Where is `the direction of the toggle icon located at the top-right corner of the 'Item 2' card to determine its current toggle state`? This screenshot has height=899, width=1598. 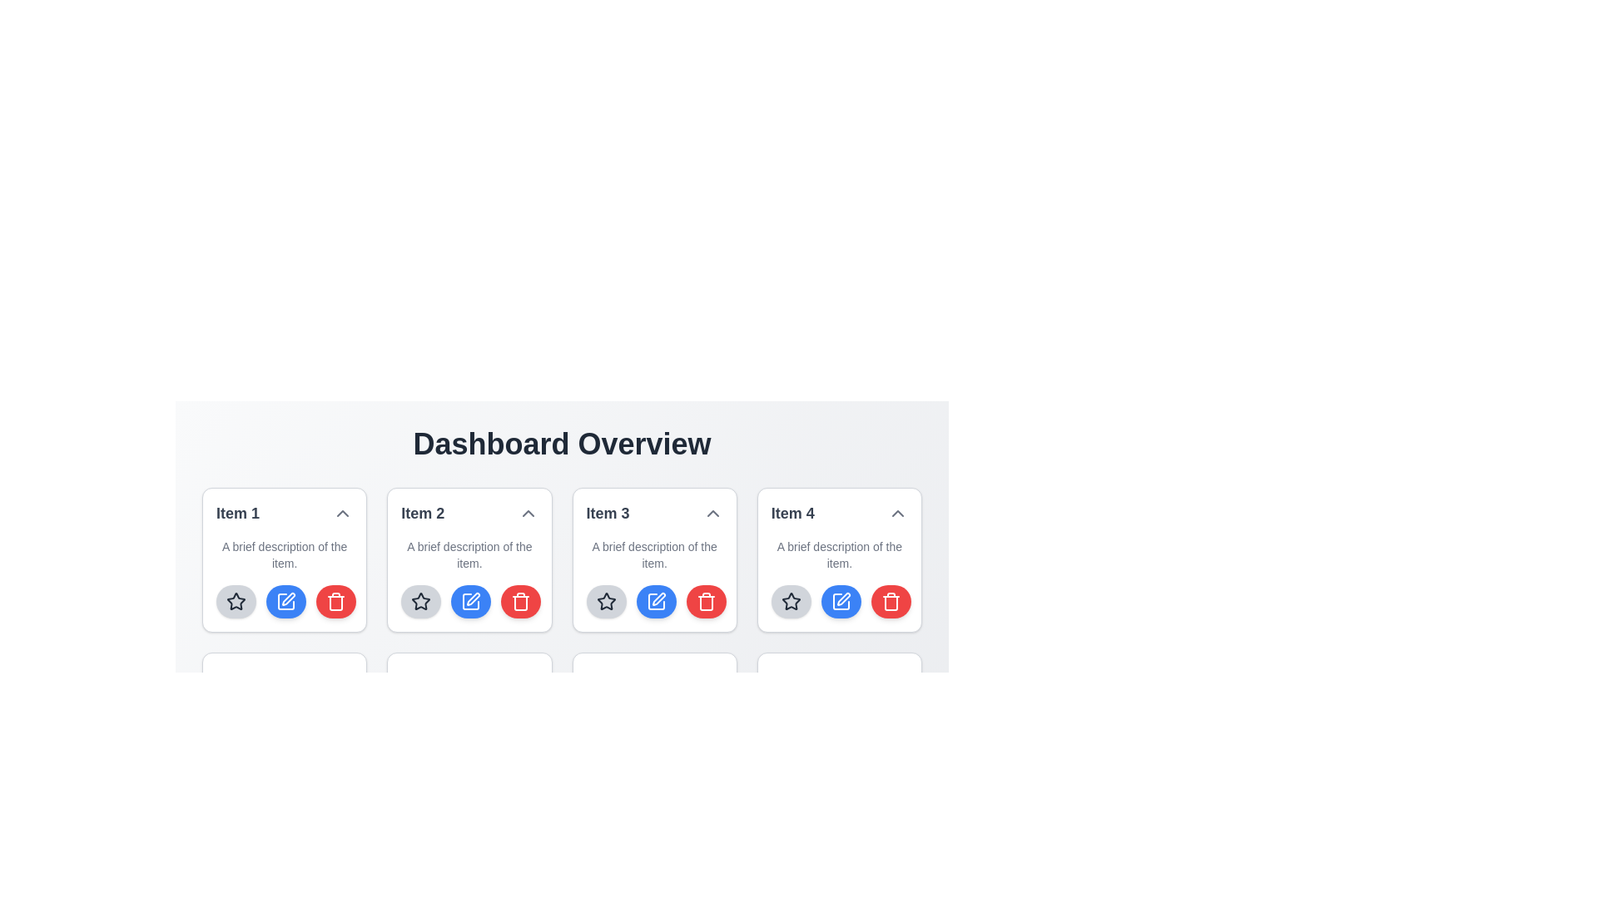 the direction of the toggle icon located at the top-right corner of the 'Item 2' card to determine its current toggle state is located at coordinates (527, 513).